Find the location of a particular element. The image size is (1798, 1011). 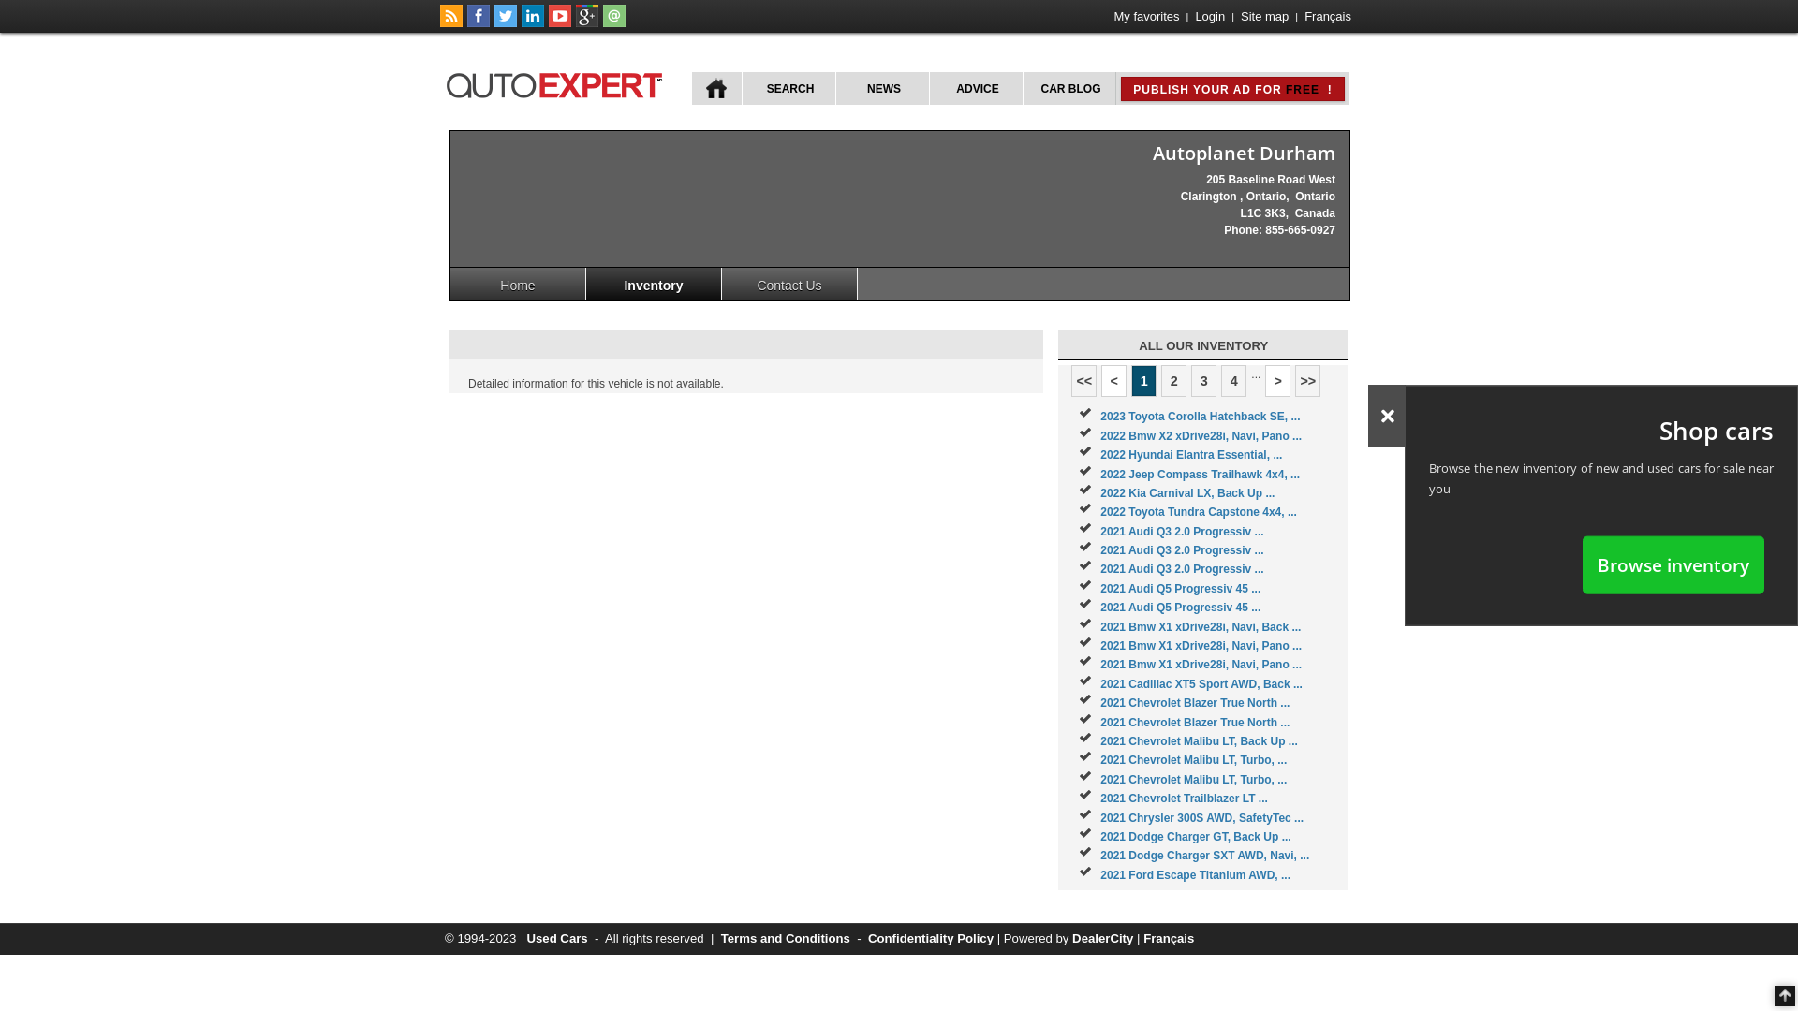

'Terms and Conditions' is located at coordinates (719, 938).